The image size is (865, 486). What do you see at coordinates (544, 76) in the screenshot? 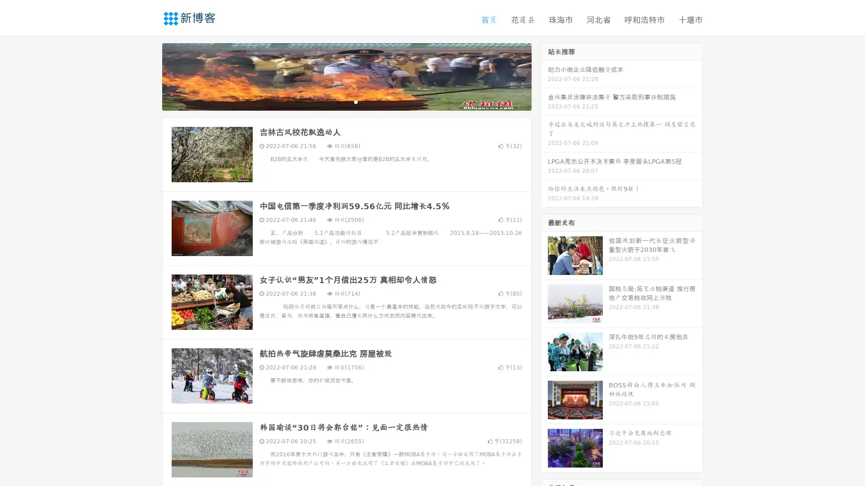
I see `Next slide` at bounding box center [544, 76].